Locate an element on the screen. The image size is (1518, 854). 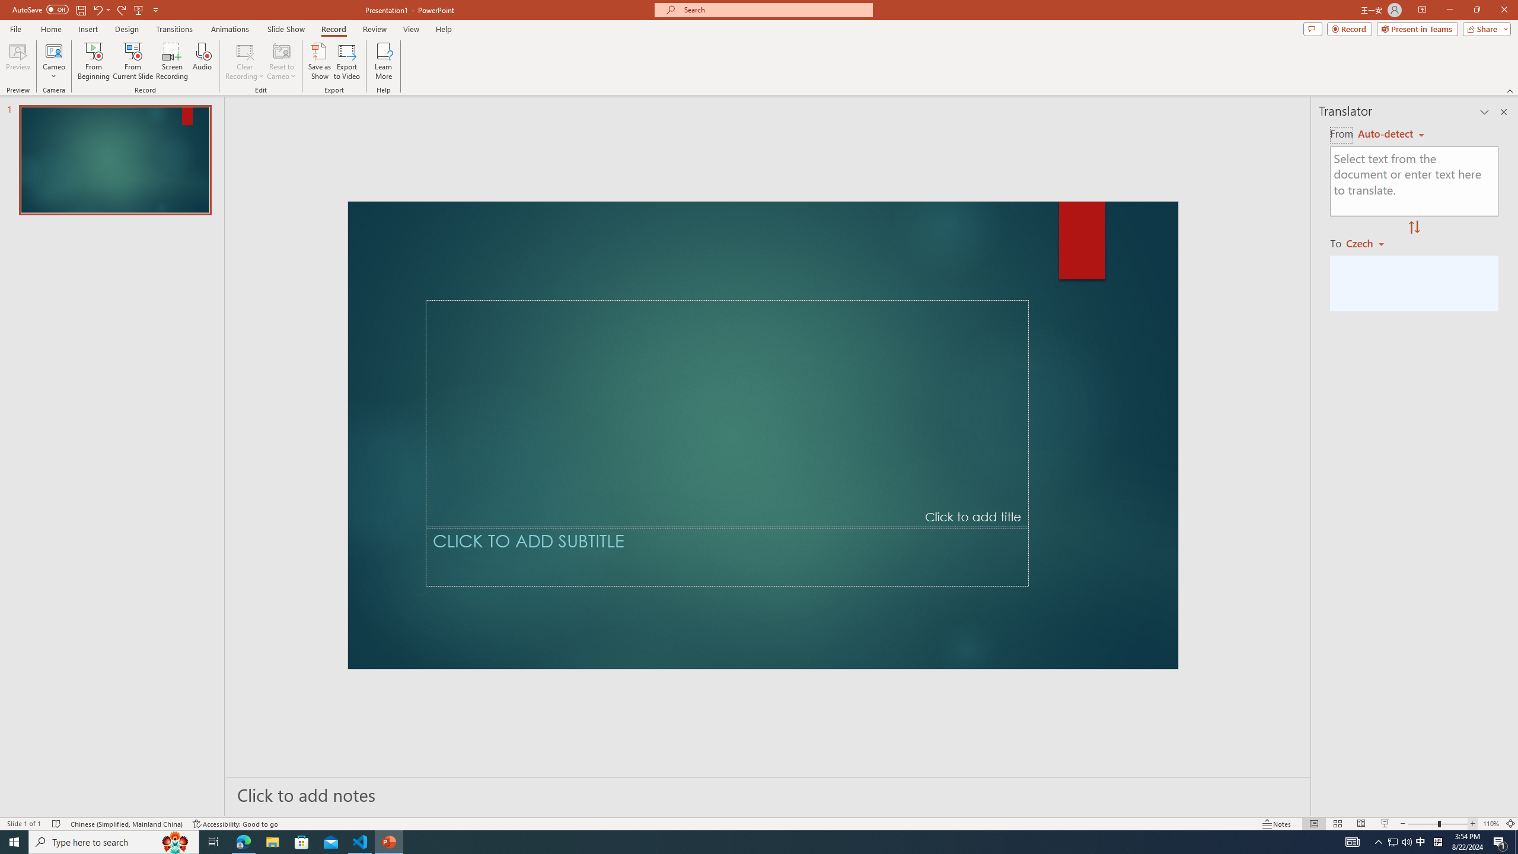
'Zoom In' is located at coordinates (1473, 806).